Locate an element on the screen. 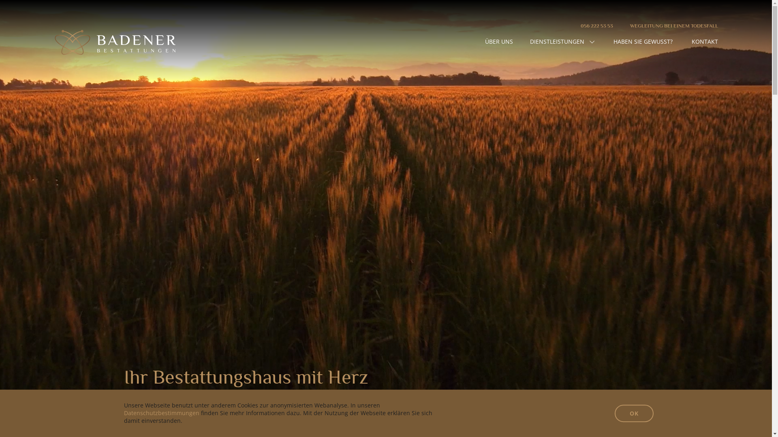 The width and height of the screenshot is (778, 437). 'KONTAKT' is located at coordinates (691, 42).